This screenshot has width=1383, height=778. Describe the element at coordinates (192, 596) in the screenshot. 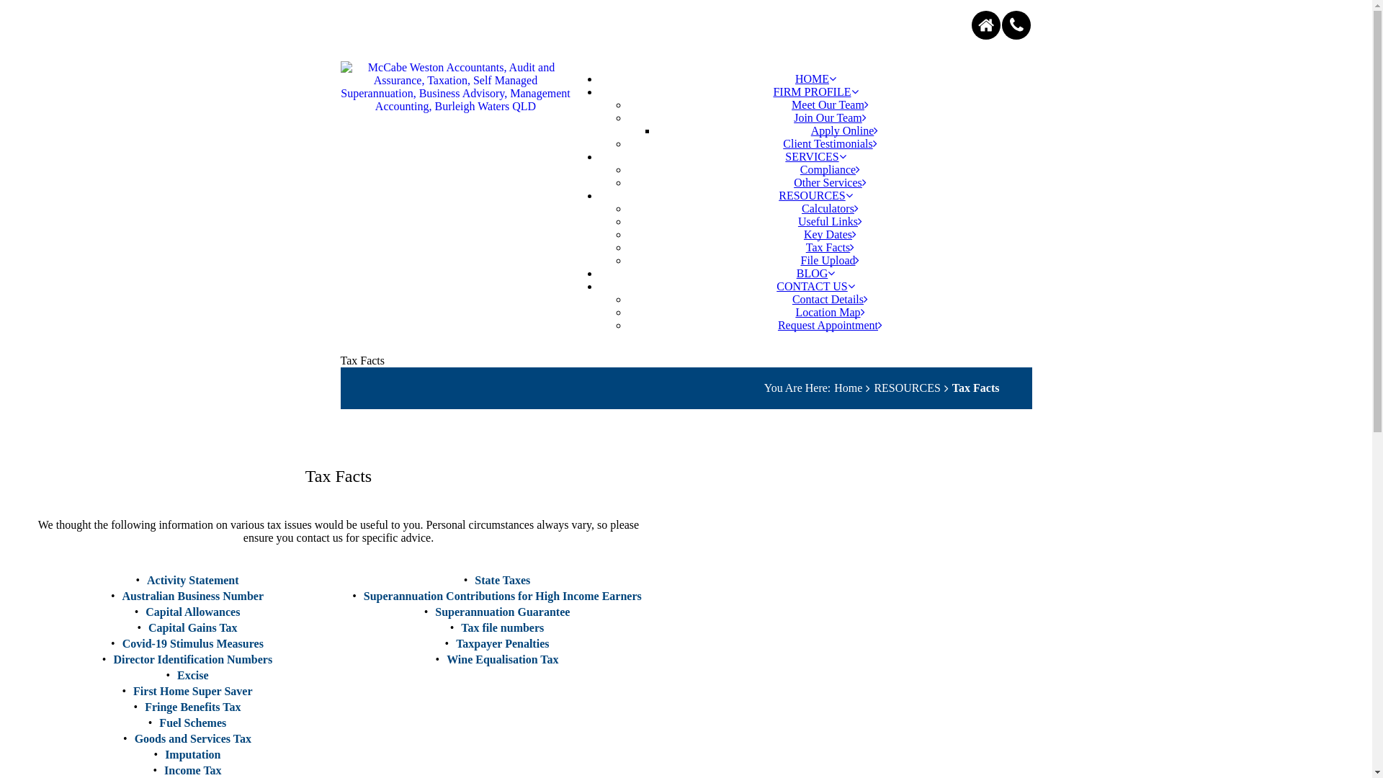

I see `'Australian Business Number'` at that location.